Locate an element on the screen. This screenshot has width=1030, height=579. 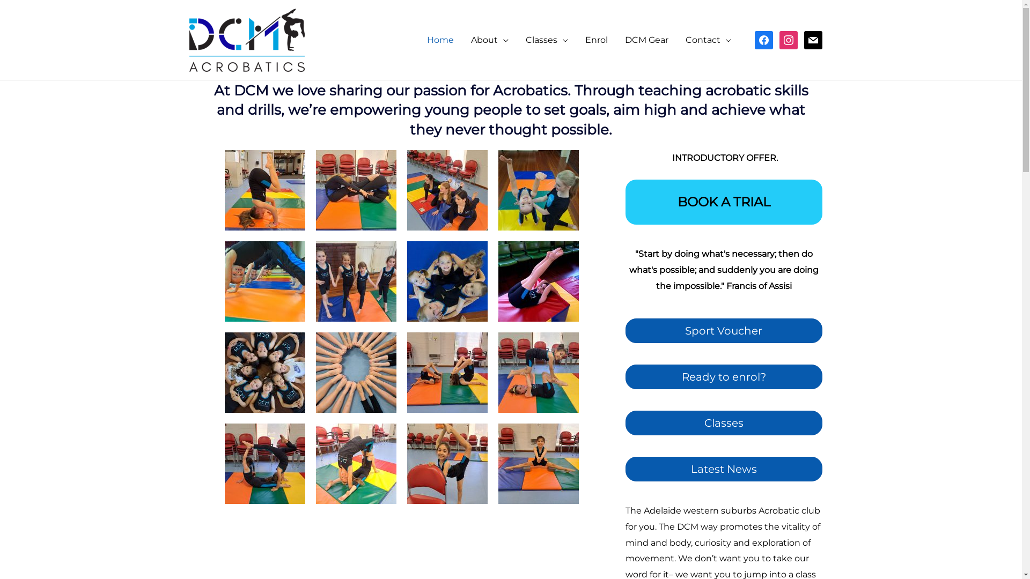
'Ready to enrol?' is located at coordinates (724, 376).